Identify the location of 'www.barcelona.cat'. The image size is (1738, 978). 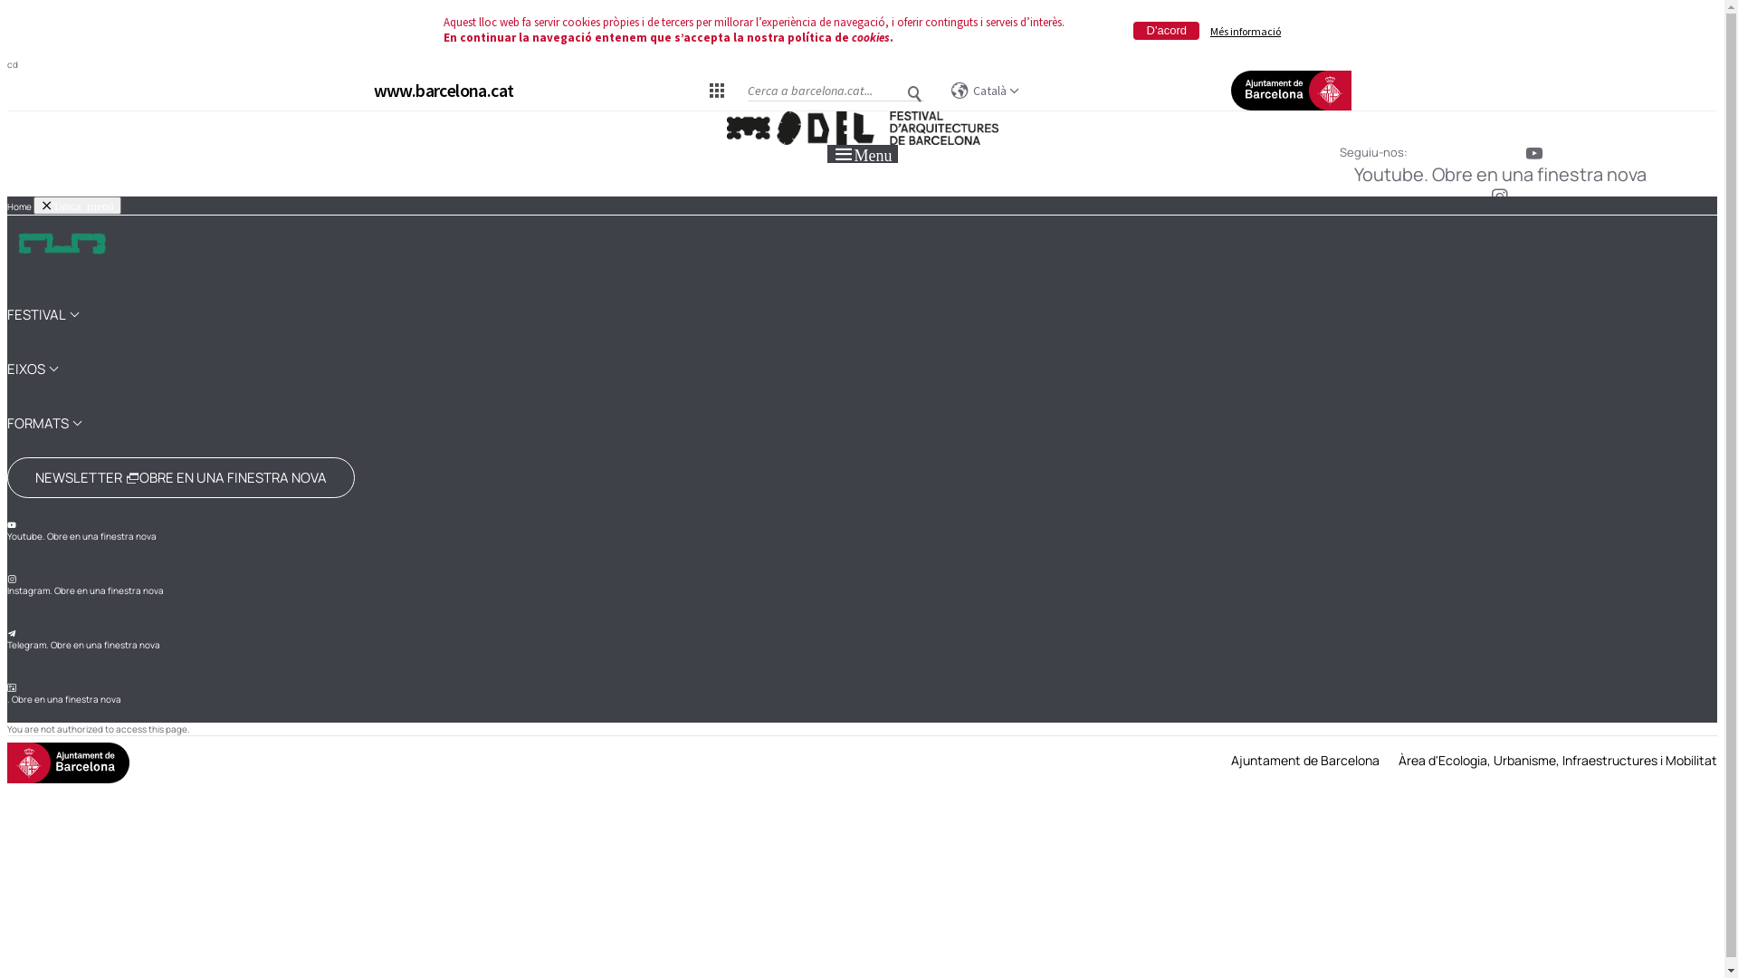
(443, 90).